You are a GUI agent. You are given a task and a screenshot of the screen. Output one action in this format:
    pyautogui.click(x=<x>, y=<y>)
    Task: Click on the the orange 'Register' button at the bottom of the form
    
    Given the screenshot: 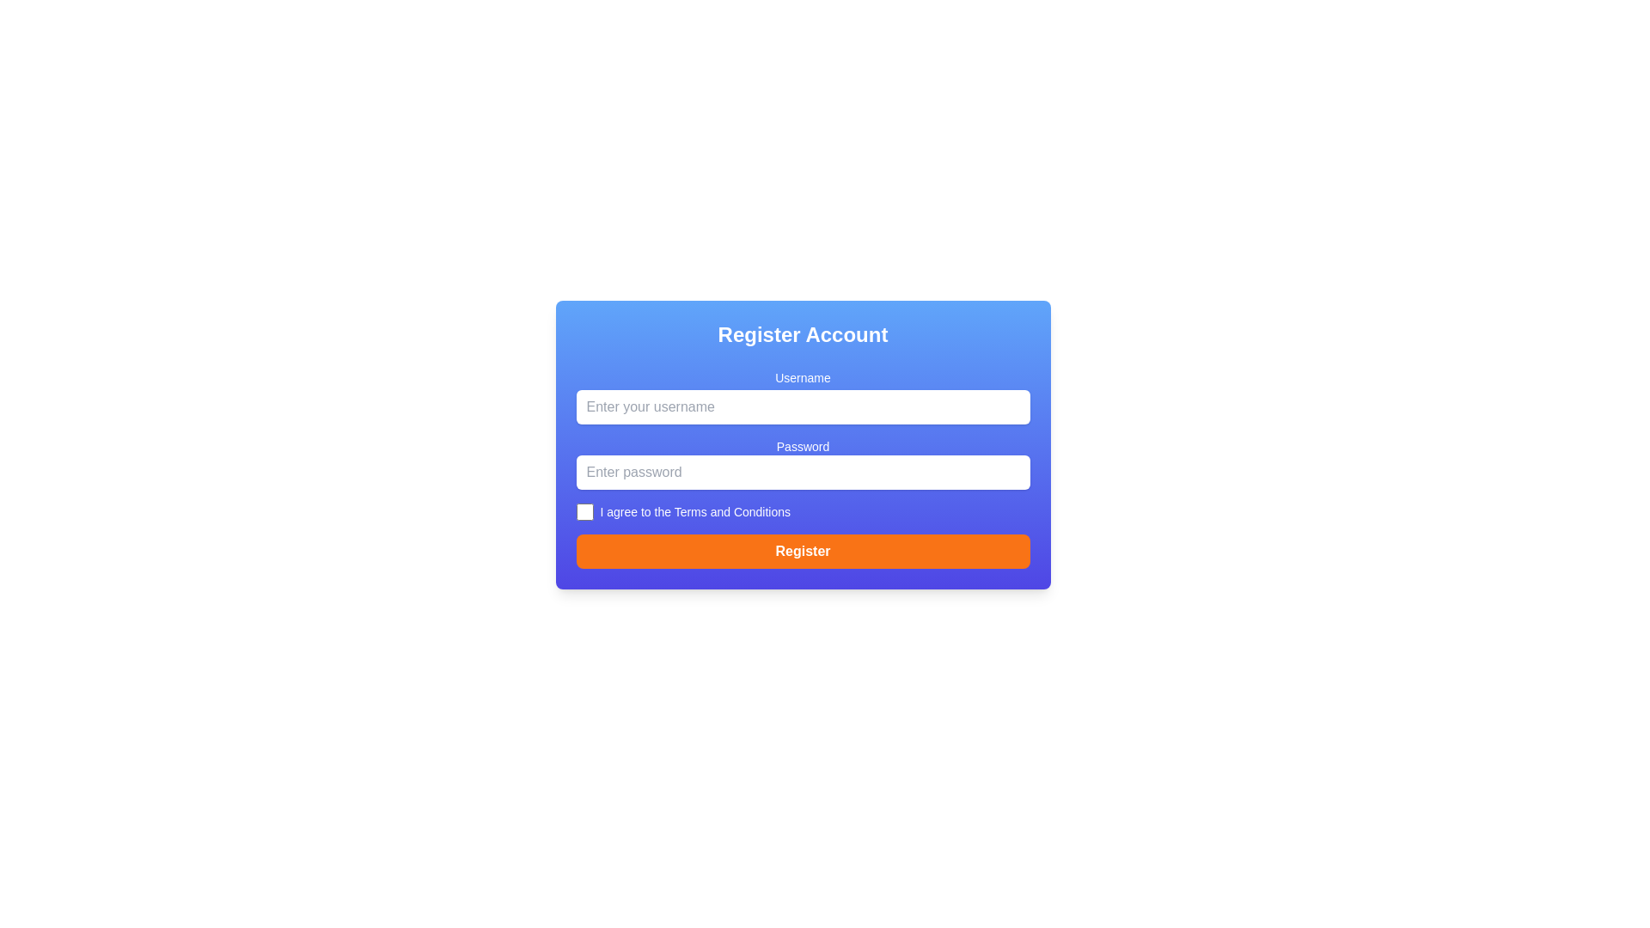 What is the action you would take?
    pyautogui.click(x=802, y=551)
    